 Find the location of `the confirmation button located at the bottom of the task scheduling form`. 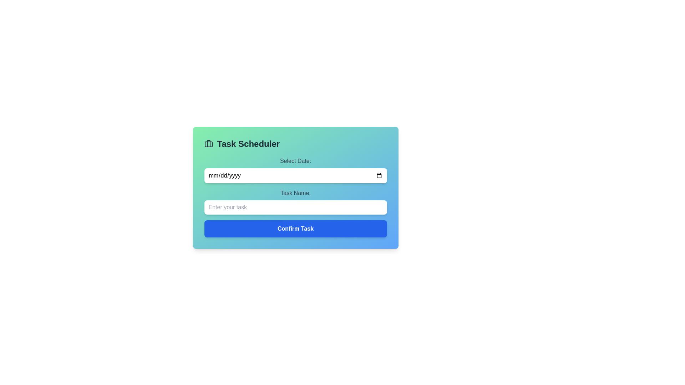

the confirmation button located at the bottom of the task scheduling form is located at coordinates (295, 229).